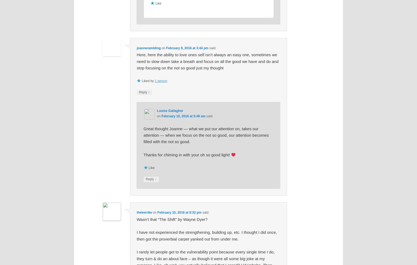  What do you see at coordinates (187, 155) in the screenshot?
I see `'Thanks for chiming in with your oh so good light!'` at bounding box center [187, 155].